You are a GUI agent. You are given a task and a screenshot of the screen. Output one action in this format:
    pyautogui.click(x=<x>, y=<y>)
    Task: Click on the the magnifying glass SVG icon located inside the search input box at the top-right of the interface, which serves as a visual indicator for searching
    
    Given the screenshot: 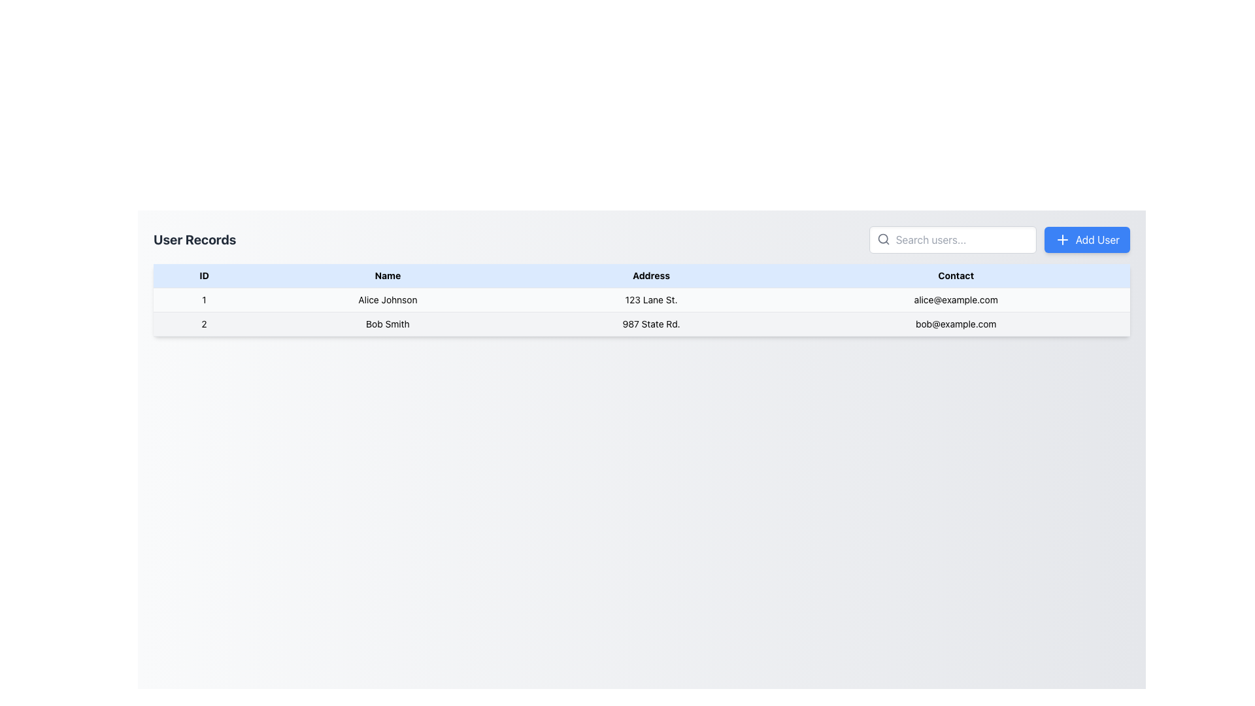 What is the action you would take?
    pyautogui.click(x=883, y=239)
    